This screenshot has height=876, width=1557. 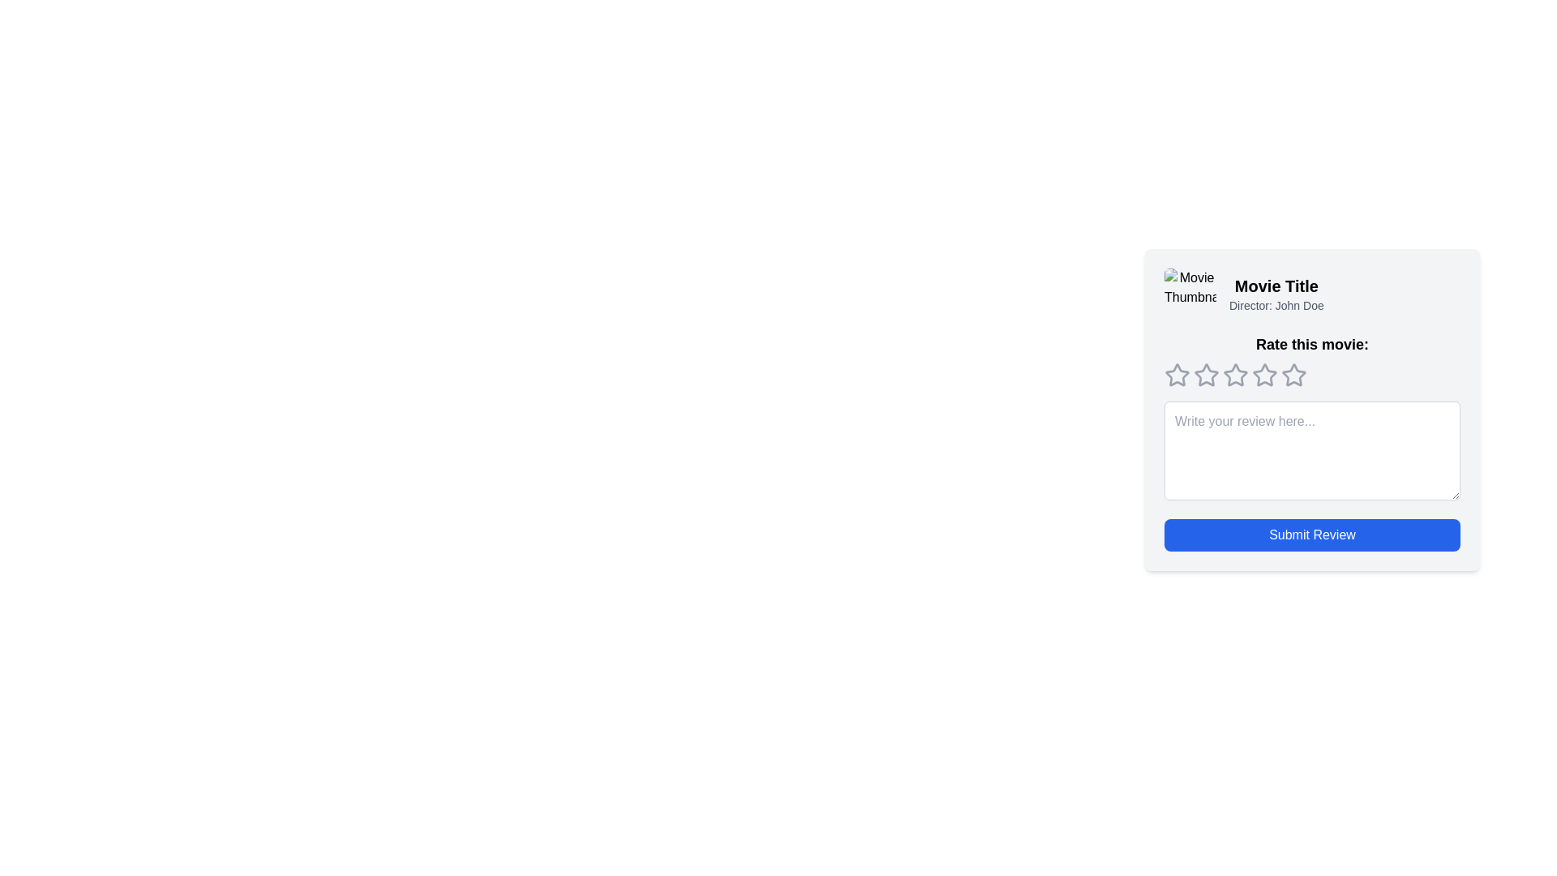 I want to click on the third star in the rating system below the text 'Rate this movie:', so click(x=1264, y=375).